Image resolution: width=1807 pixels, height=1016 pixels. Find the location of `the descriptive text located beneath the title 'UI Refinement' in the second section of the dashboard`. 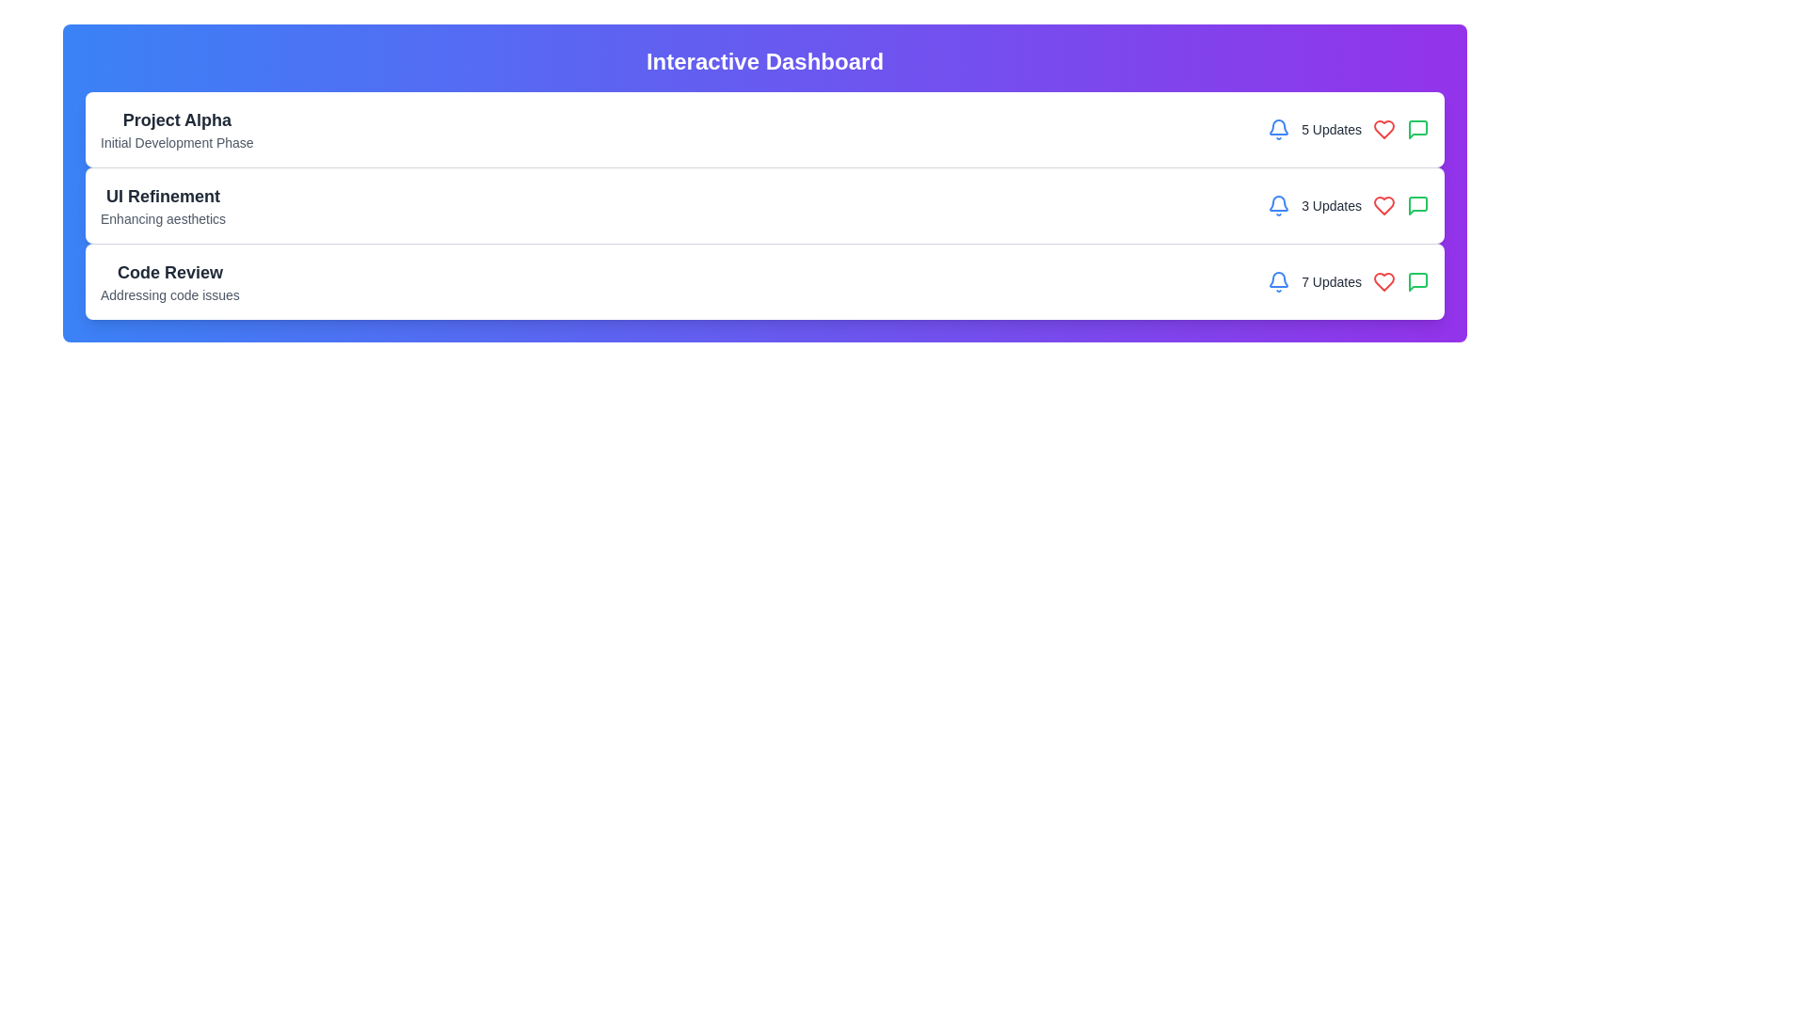

the descriptive text located beneath the title 'UI Refinement' in the second section of the dashboard is located at coordinates (163, 217).